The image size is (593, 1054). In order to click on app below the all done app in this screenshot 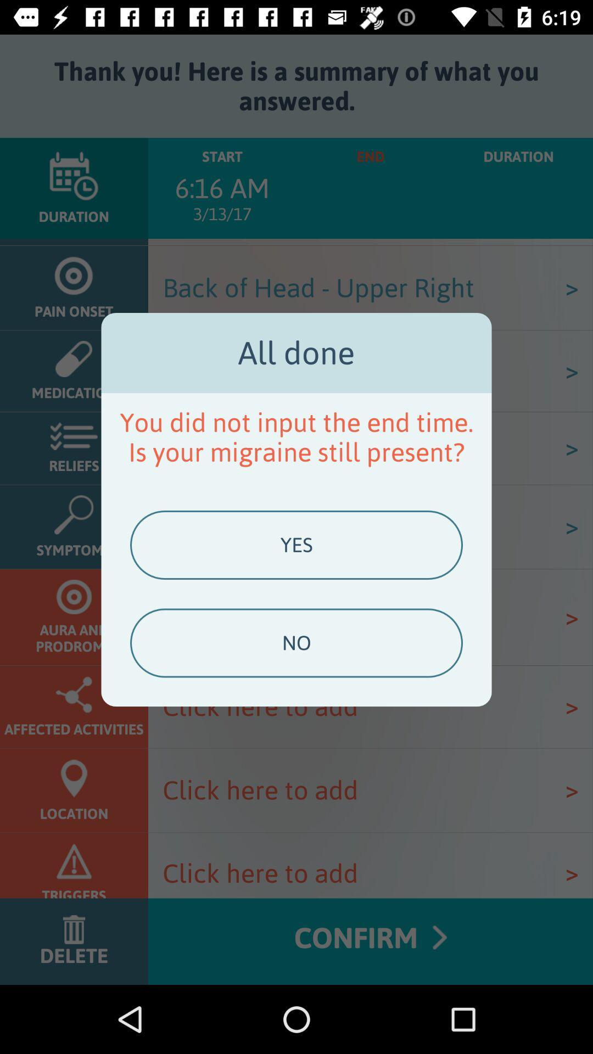, I will do `click(296, 436)`.